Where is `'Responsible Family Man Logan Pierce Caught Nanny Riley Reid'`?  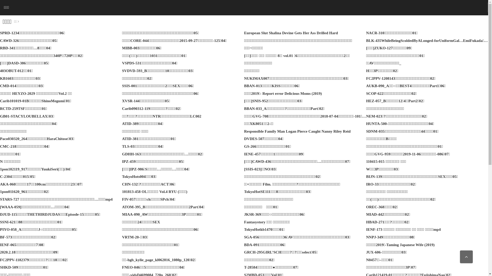
'Responsible Family Man Logan Pierce Caught Nanny Riley Reid' is located at coordinates (297, 131).